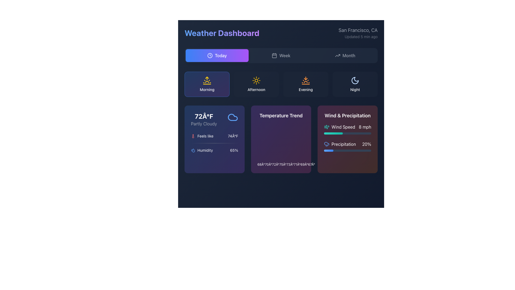 The image size is (515, 290). What do you see at coordinates (311, 163) in the screenshot?
I see `the graphical data representation component displaying a vertical colored bar with a gradient from purple to pink, indicating a percentage height of 67%, along with the label '67°' located in the 'Temperature Trend' section` at bounding box center [311, 163].